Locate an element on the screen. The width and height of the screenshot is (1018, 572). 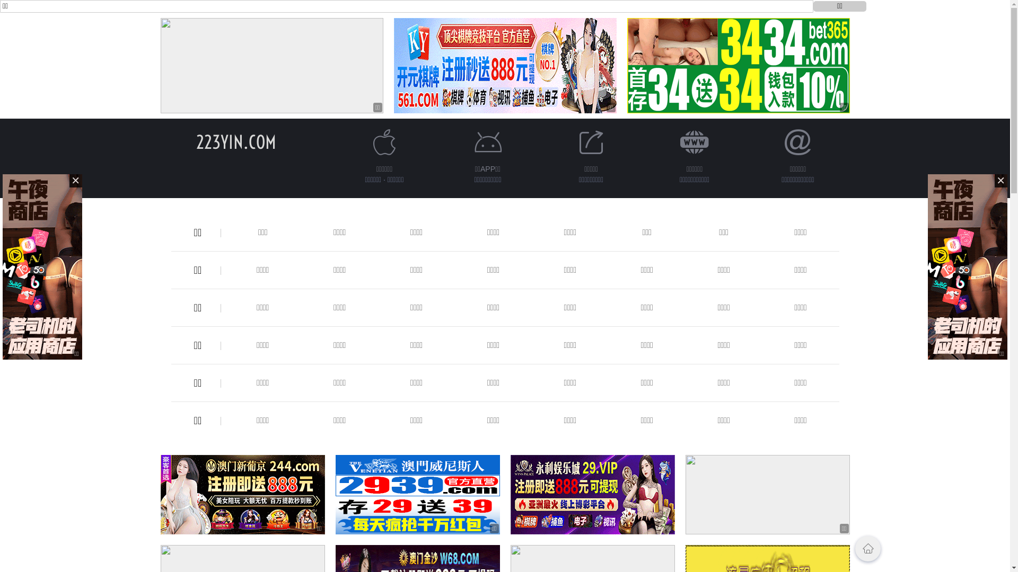
'223YIN.COM' is located at coordinates (235, 141).